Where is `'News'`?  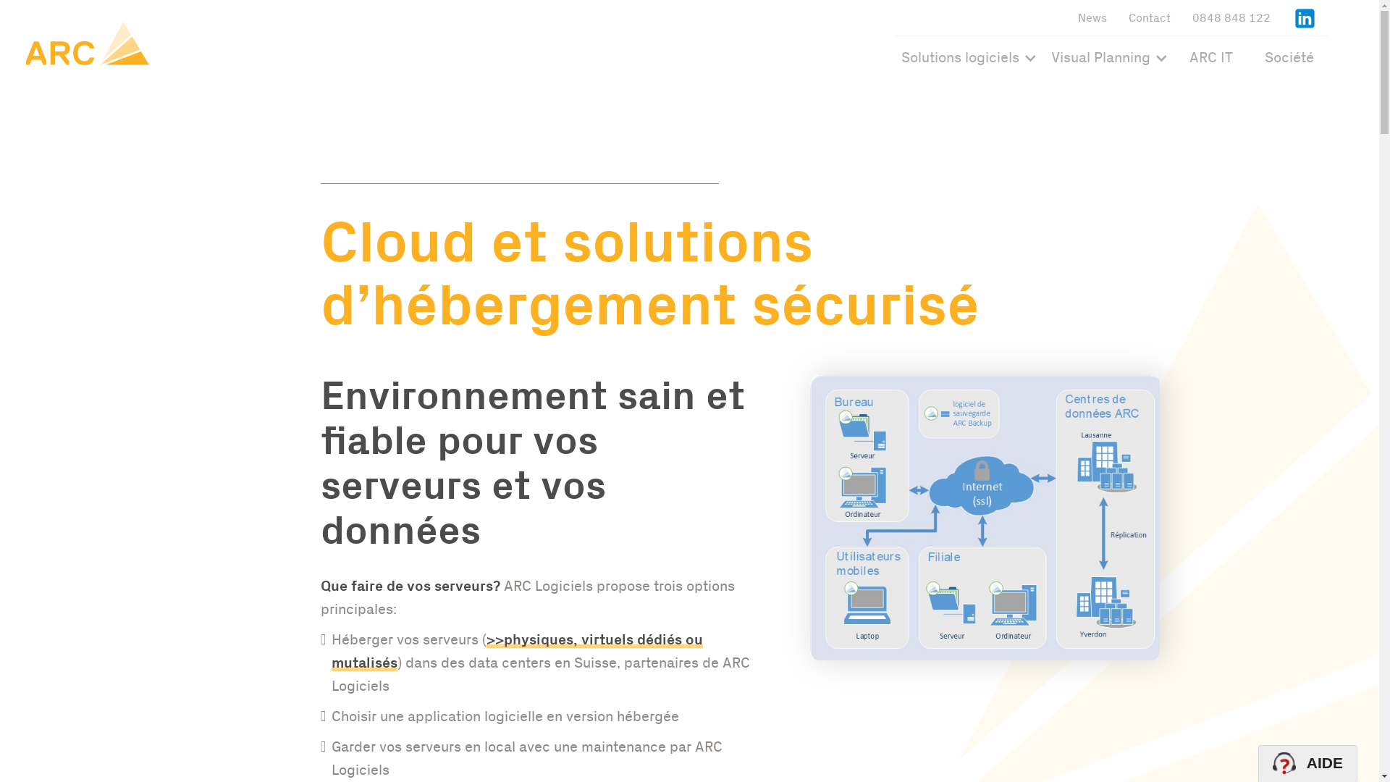
'News' is located at coordinates (1066, 17).